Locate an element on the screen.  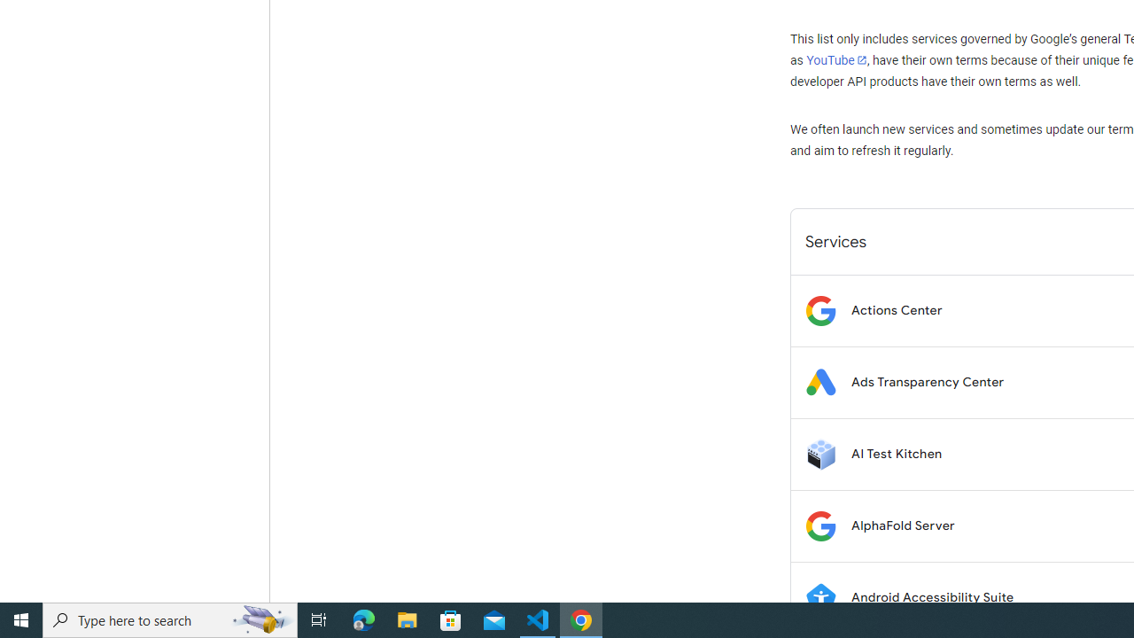
'Logo for AI Test Kitchen' is located at coordinates (819, 453).